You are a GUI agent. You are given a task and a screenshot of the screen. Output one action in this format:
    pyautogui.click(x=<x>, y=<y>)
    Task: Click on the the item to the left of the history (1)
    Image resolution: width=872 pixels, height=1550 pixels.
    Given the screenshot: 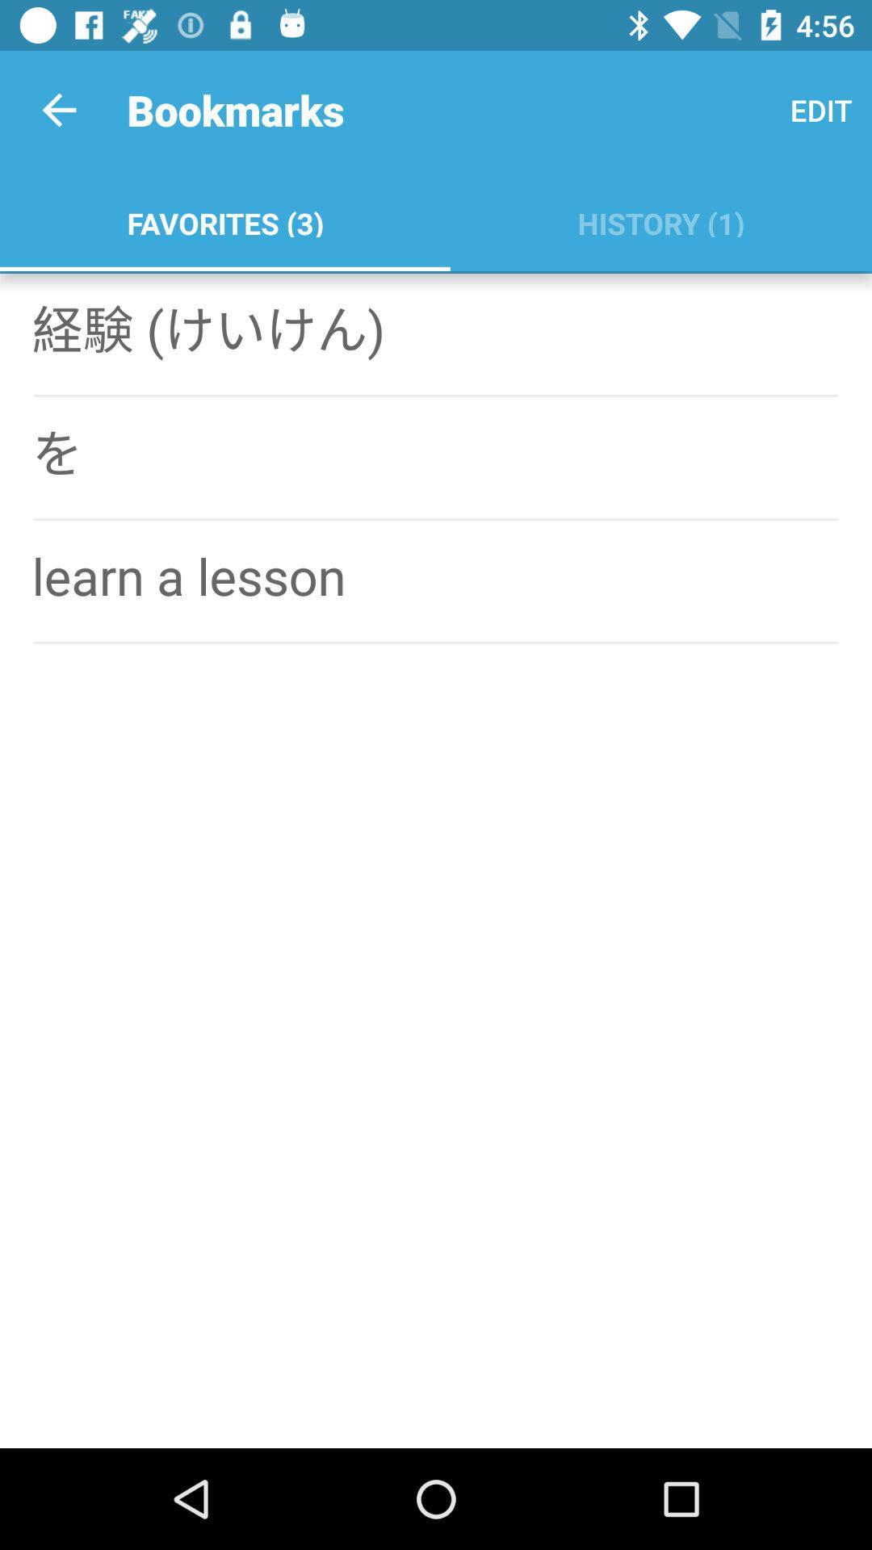 What is the action you would take?
    pyautogui.click(x=224, y=220)
    